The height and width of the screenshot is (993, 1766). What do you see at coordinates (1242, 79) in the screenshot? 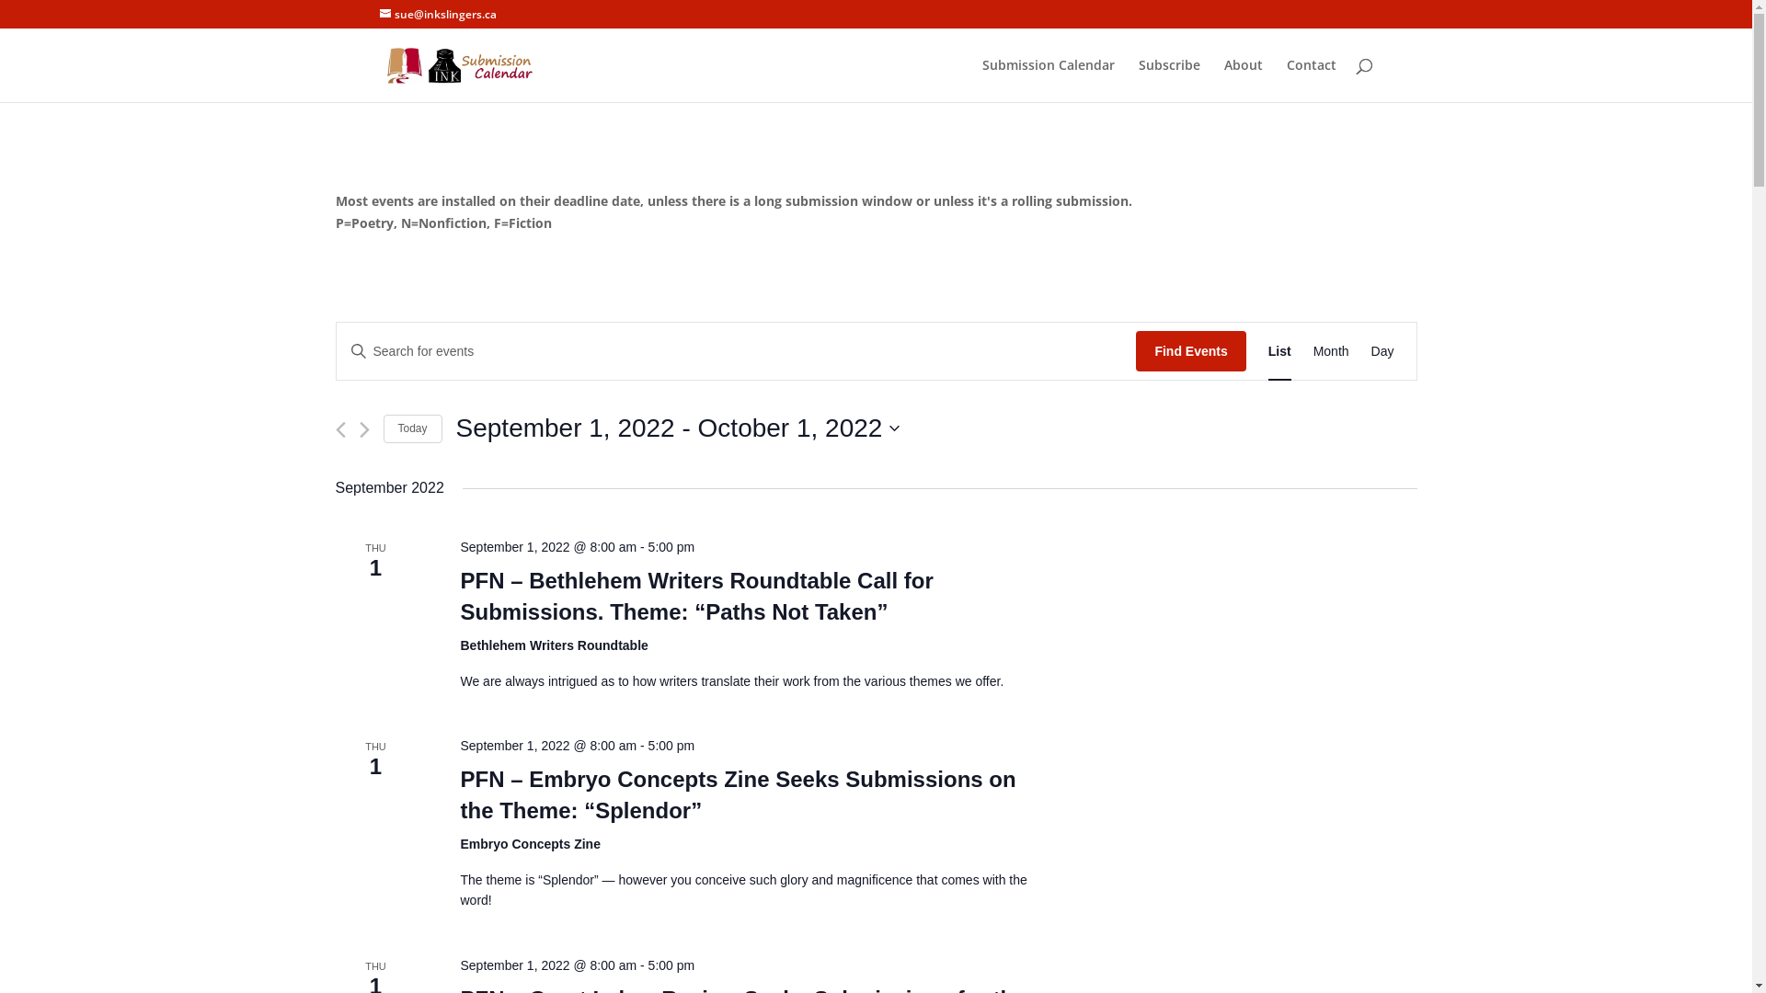
I see `'About'` at bounding box center [1242, 79].